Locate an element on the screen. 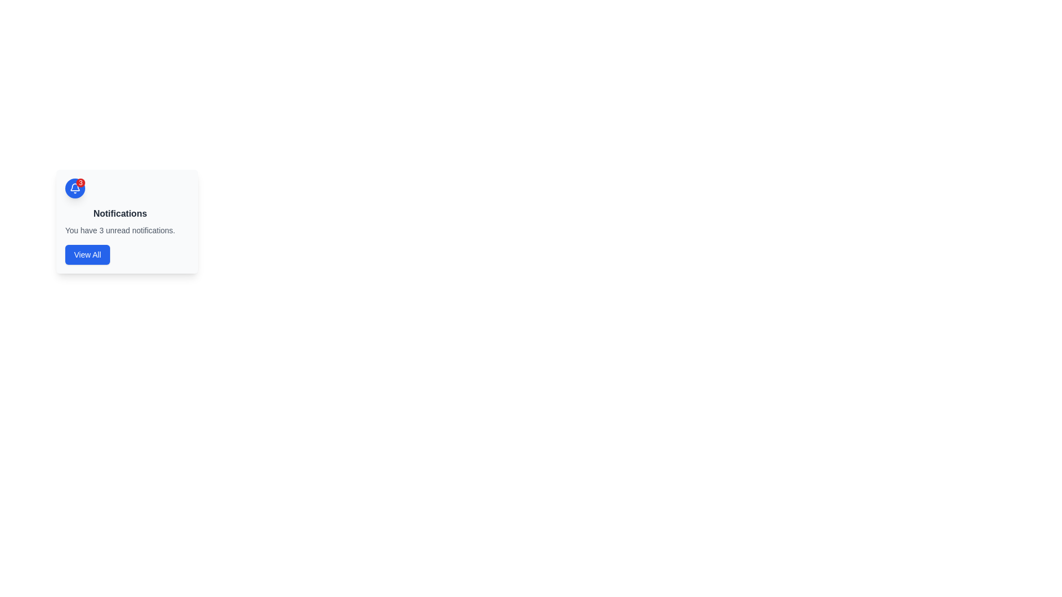 Image resolution: width=1062 pixels, height=597 pixels. the 'View All' button is located at coordinates (87, 255).